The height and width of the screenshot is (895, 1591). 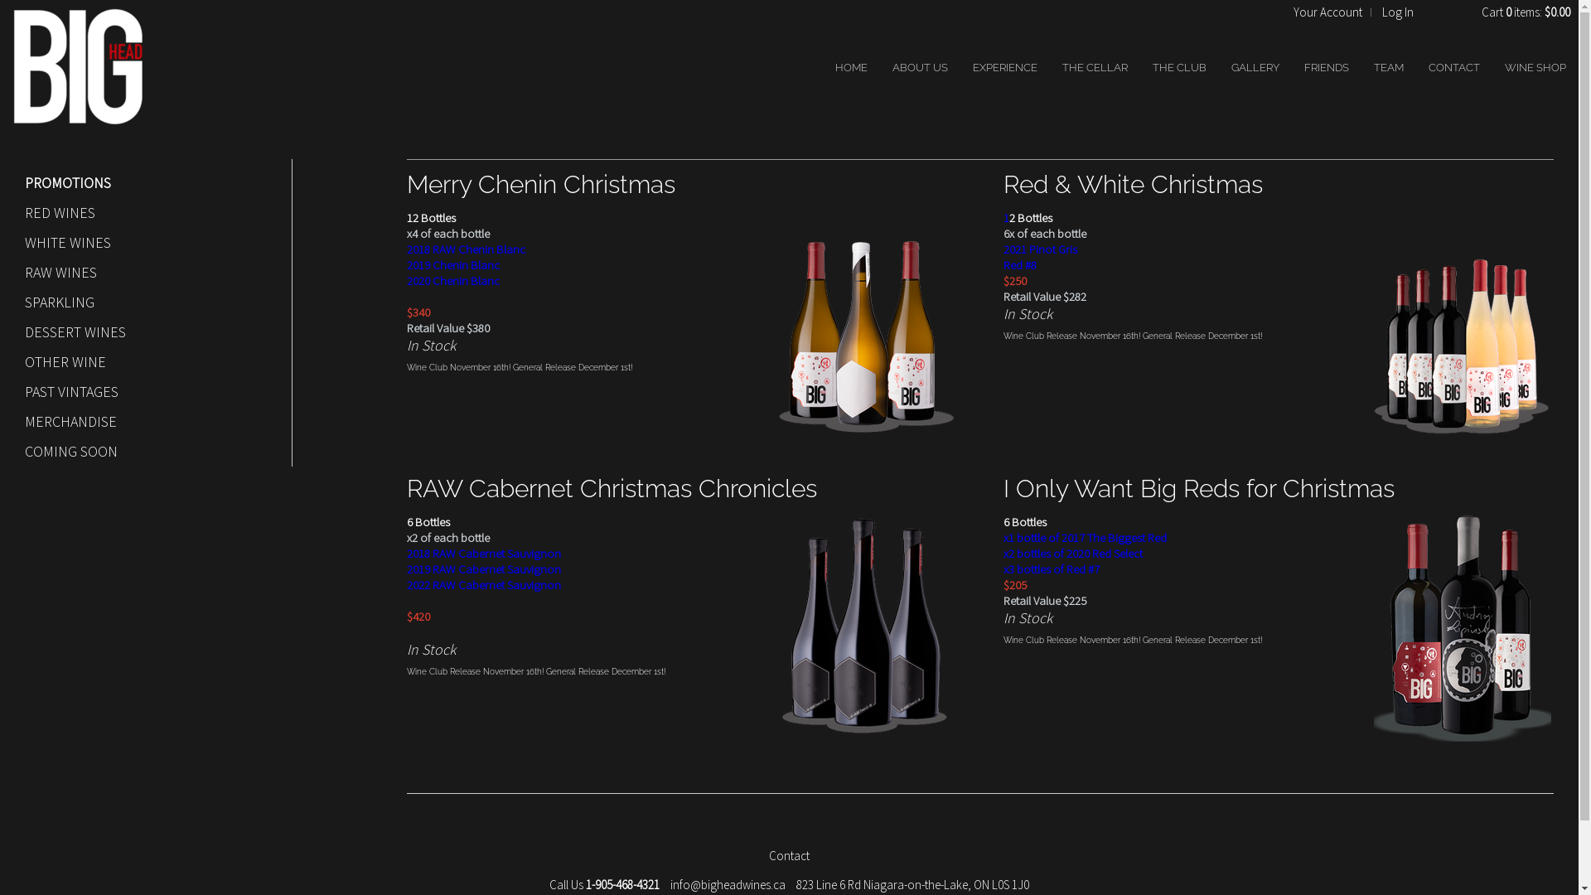 I want to click on 'WINE SHOP', so click(x=1504, y=66).